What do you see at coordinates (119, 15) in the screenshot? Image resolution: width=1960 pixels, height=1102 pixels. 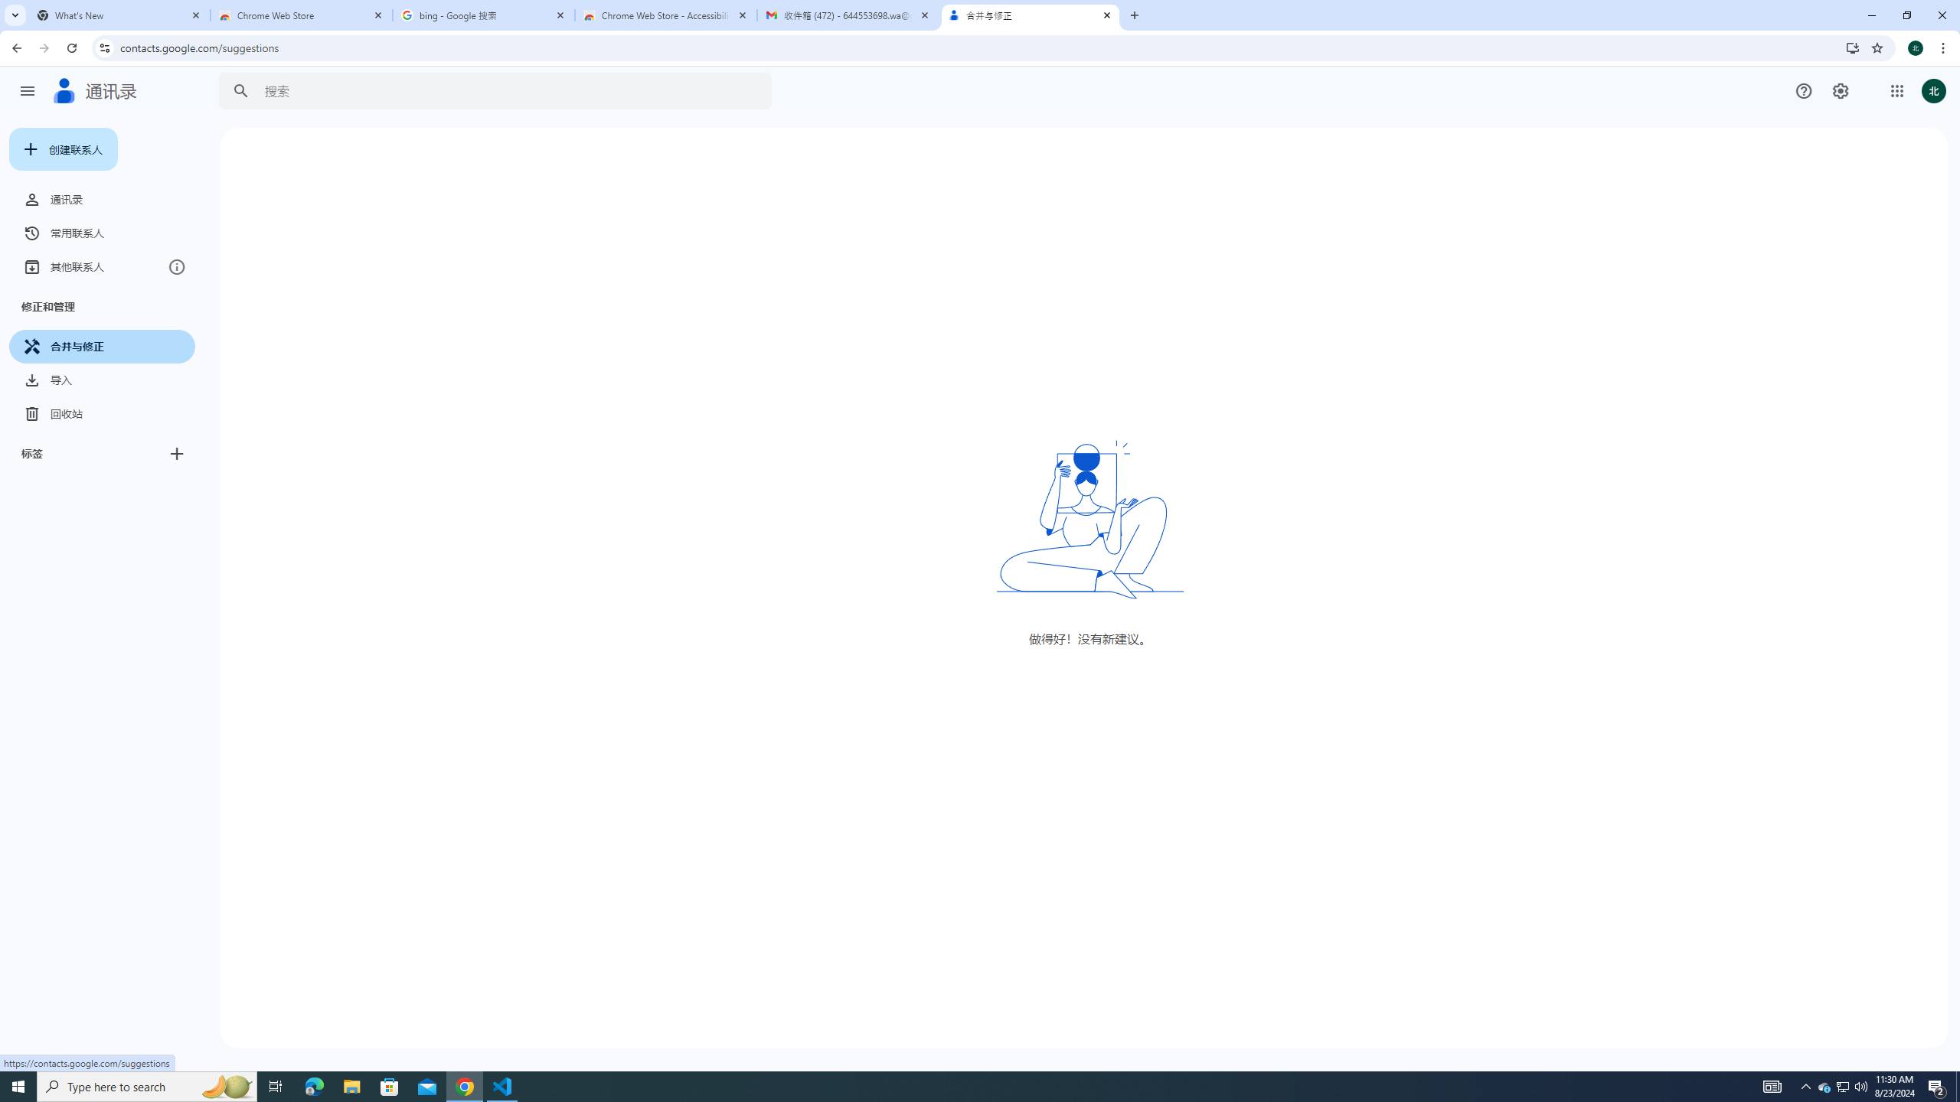 I see `'What'` at bounding box center [119, 15].